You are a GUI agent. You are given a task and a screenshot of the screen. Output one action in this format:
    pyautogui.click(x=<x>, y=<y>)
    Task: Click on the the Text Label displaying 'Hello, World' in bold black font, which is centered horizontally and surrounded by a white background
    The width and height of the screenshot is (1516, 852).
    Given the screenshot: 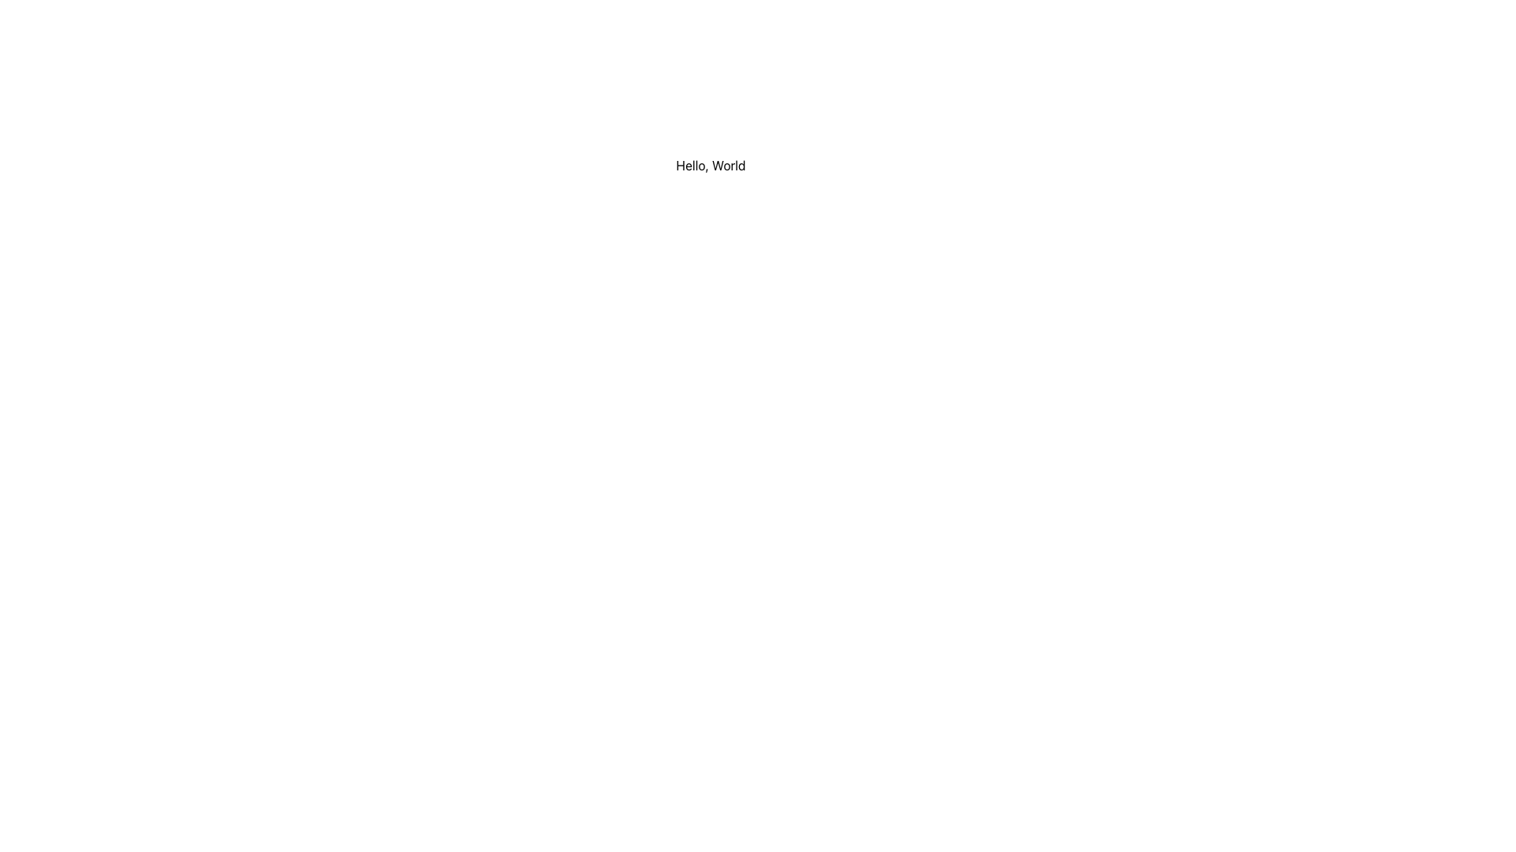 What is the action you would take?
    pyautogui.click(x=710, y=165)
    